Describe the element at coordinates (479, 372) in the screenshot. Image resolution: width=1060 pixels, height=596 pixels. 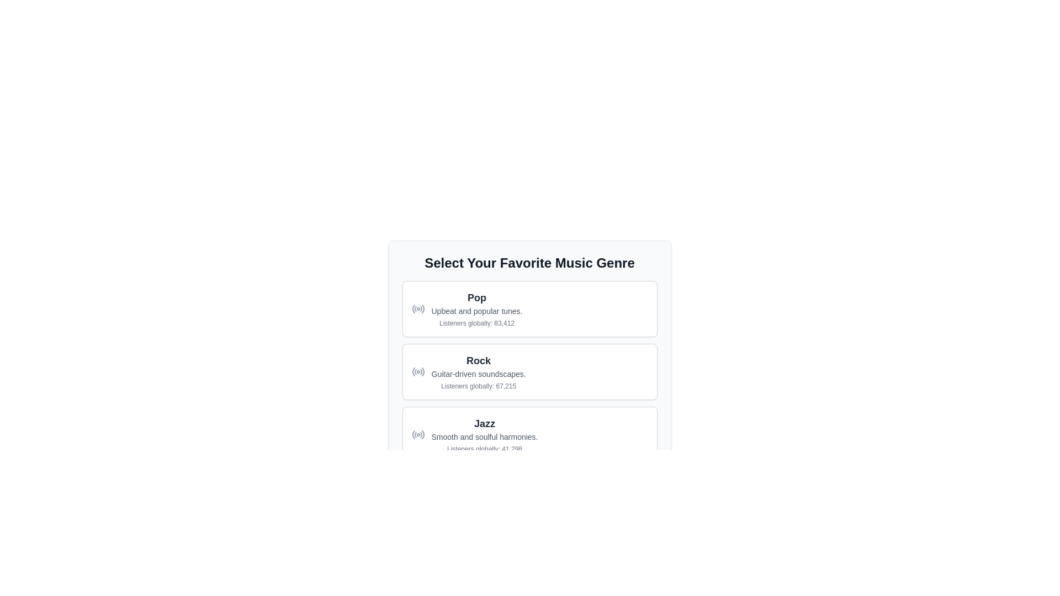
I see `the 'Rock' genre text panel` at that location.